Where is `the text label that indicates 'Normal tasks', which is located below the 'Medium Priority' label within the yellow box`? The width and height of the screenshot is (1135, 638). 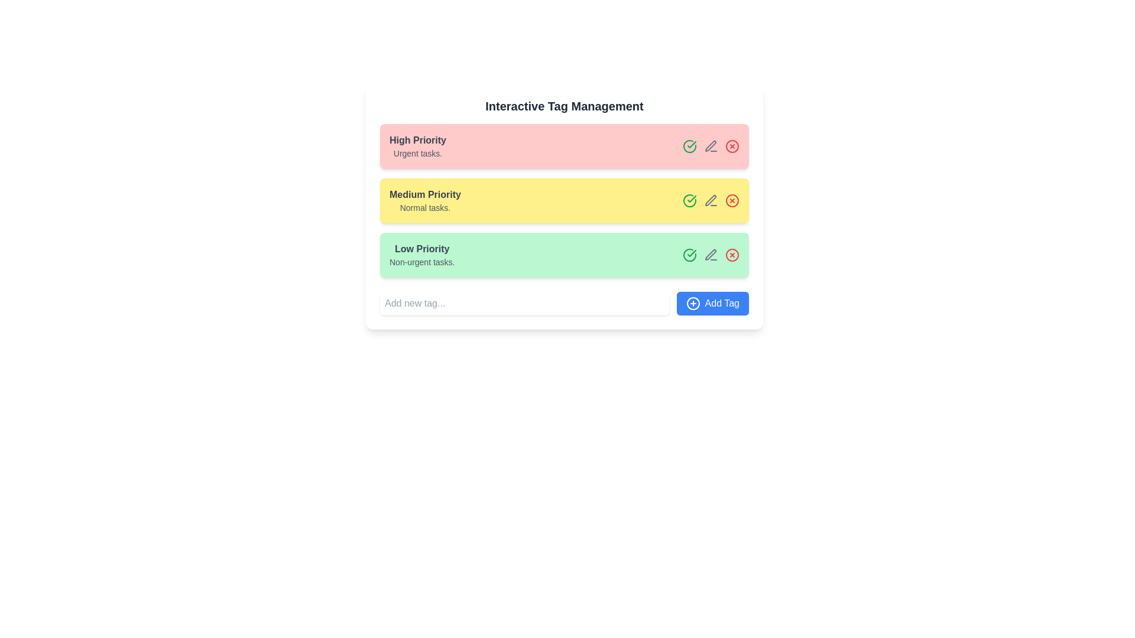
the text label that indicates 'Normal tasks', which is located below the 'Medium Priority' label within the yellow box is located at coordinates (425, 207).